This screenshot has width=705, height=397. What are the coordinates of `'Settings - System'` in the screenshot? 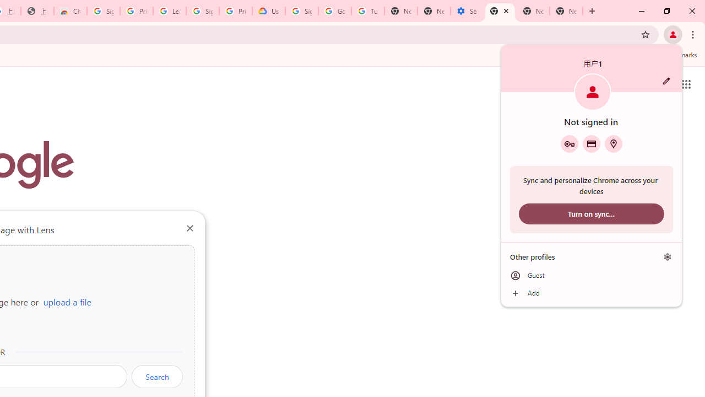 It's located at (467, 11).